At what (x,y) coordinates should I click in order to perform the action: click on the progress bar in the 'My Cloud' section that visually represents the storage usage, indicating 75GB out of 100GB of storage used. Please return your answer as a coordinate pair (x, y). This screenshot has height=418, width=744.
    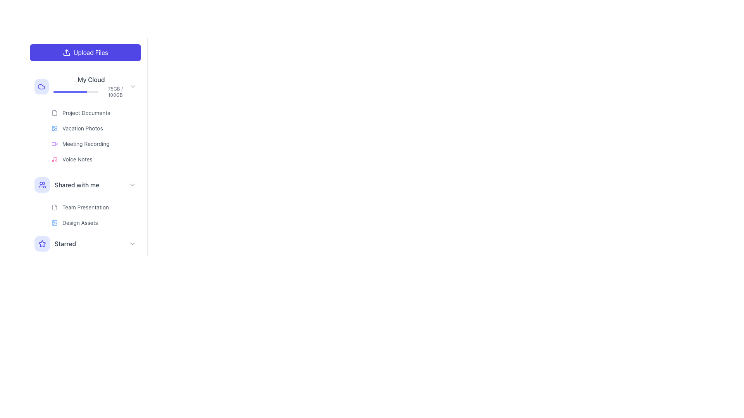
    Looking at the image, I should click on (76, 92).